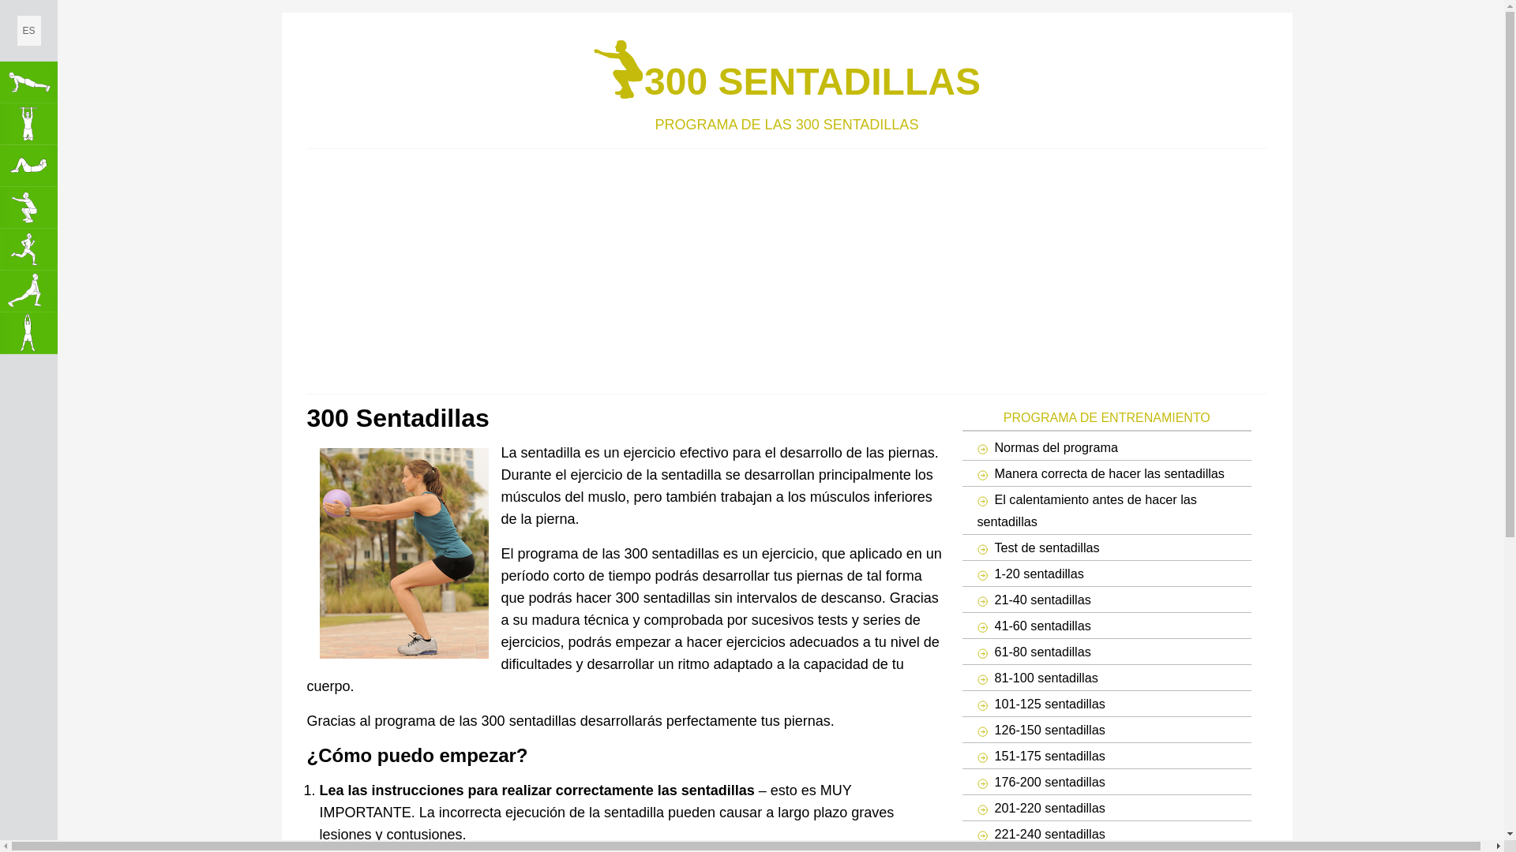 The image size is (1516, 852). Describe the element at coordinates (1105, 510) in the screenshot. I see `'El calentamiento antes de hacer las sentadillas'` at that location.